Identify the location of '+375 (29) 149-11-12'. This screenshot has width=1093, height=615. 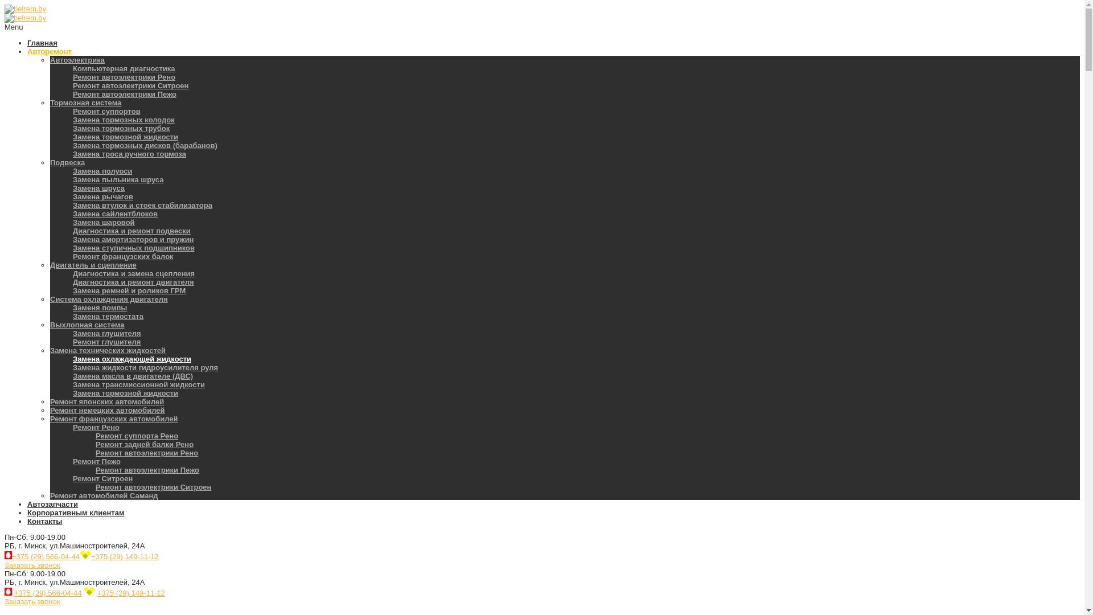
(125, 556).